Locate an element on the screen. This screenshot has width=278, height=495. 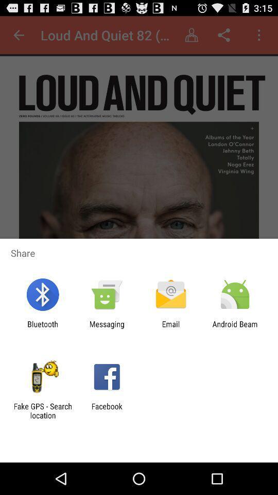
app next to android beam icon is located at coordinates (171, 328).